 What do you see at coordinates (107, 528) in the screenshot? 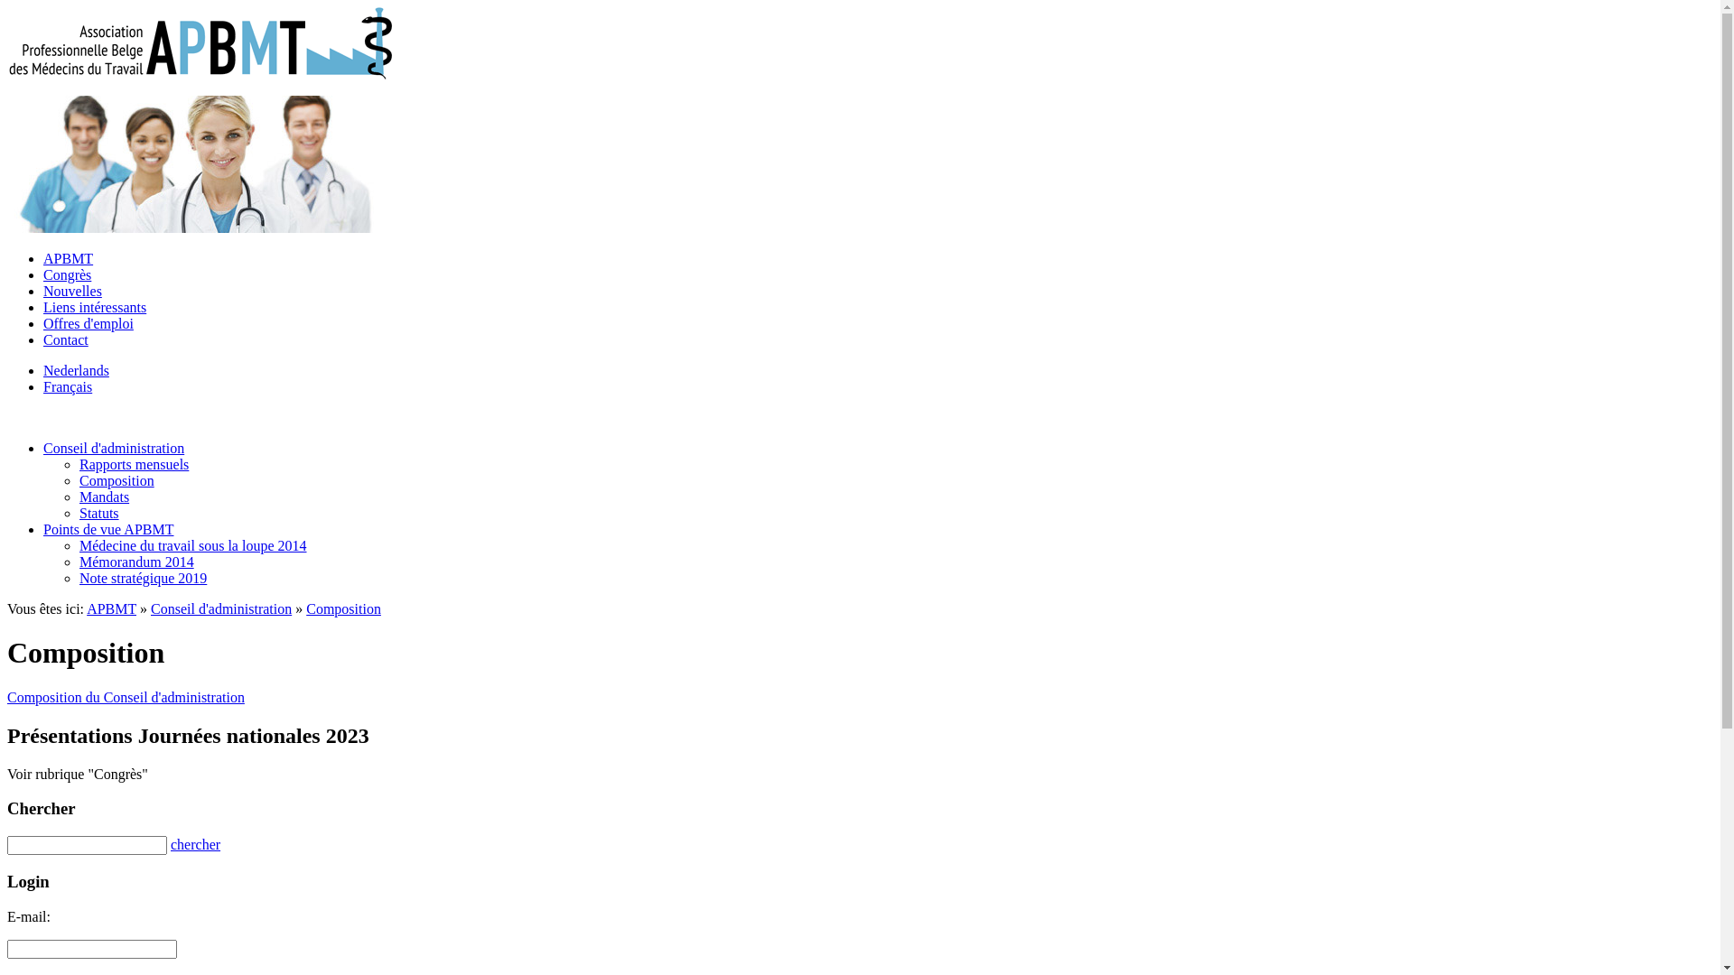
I see `'Points de vue APBMT'` at bounding box center [107, 528].